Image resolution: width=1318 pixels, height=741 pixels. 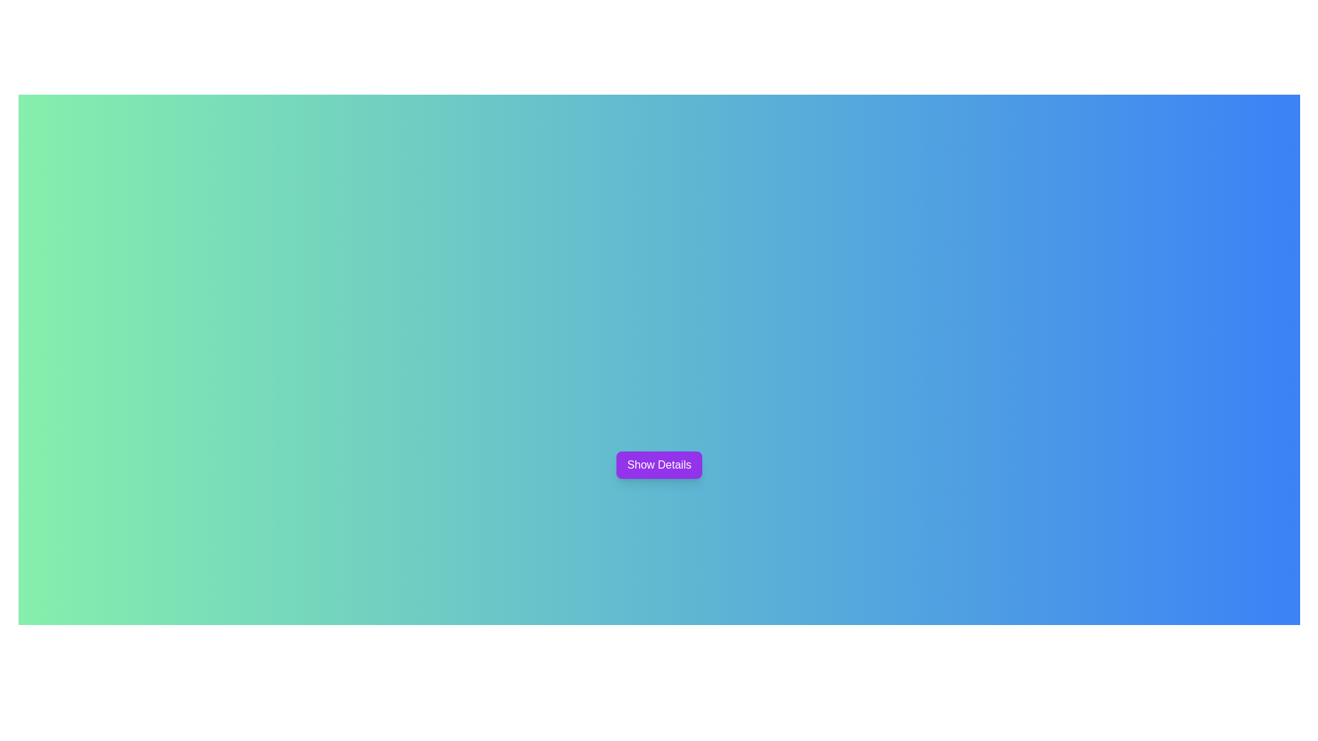 What do you see at coordinates (659, 464) in the screenshot?
I see `the 'Show Details' button, which has a purple background and white text` at bounding box center [659, 464].